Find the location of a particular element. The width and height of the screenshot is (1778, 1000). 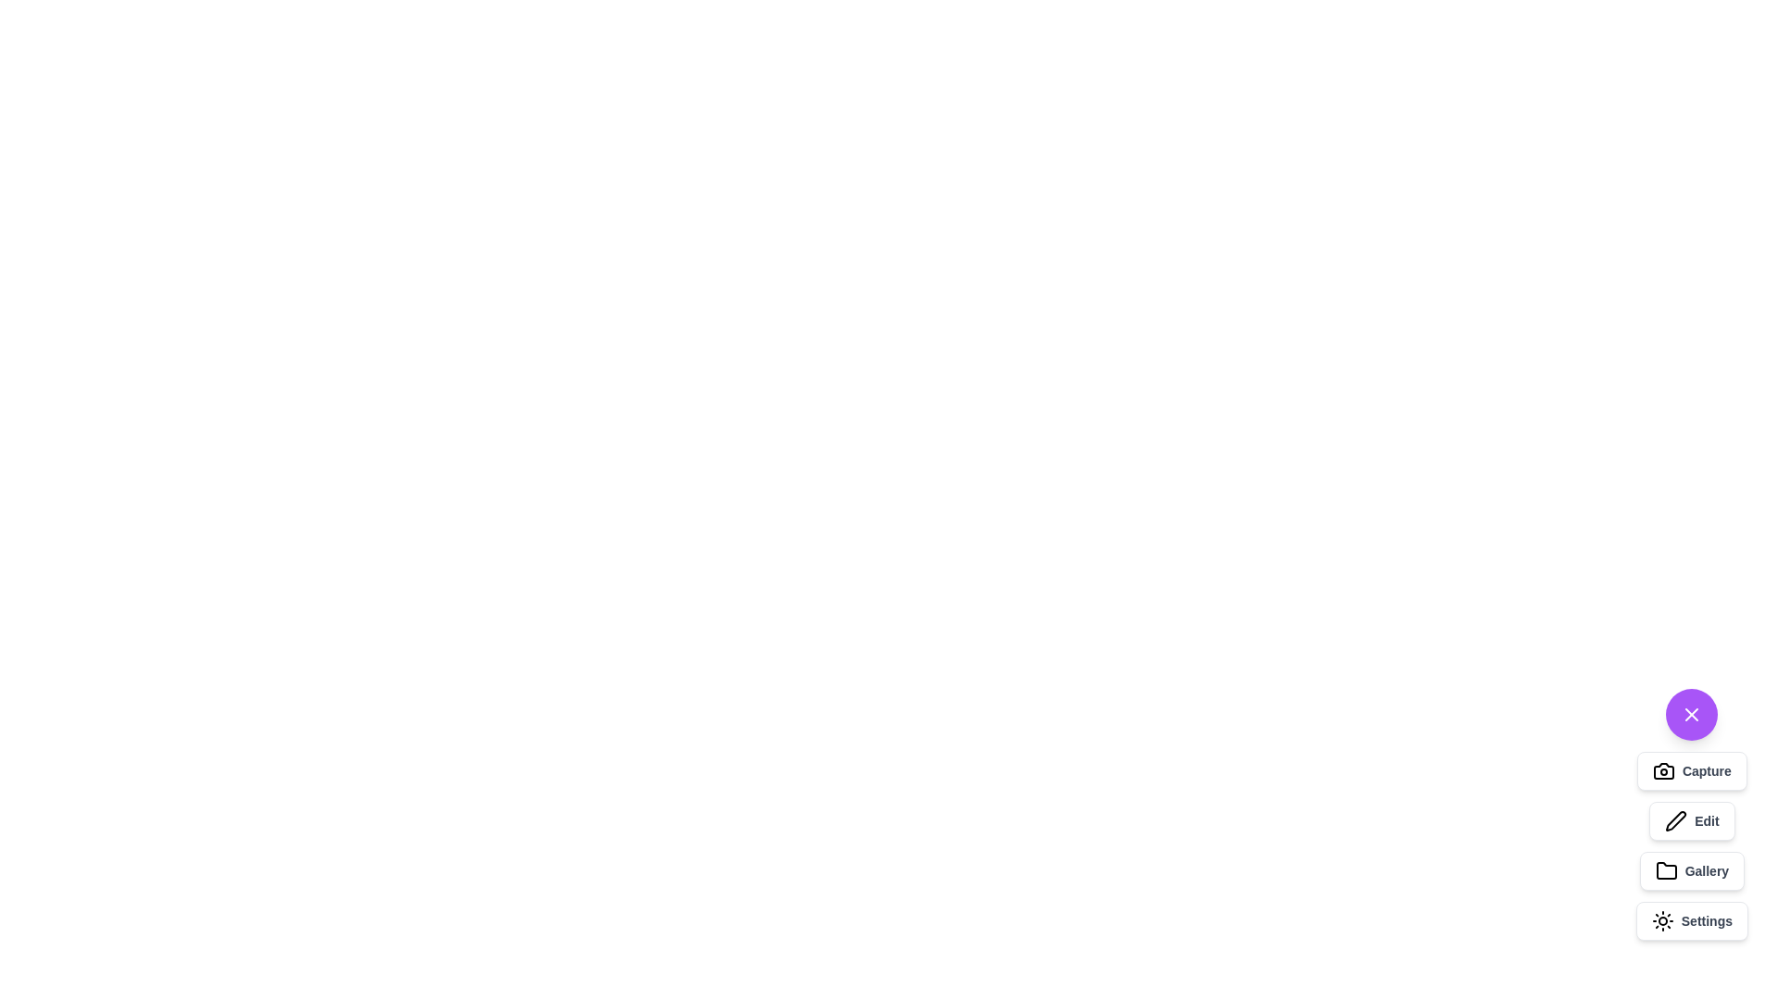

the 'Gallery' button to activate the gallery functionality is located at coordinates (1692, 871).